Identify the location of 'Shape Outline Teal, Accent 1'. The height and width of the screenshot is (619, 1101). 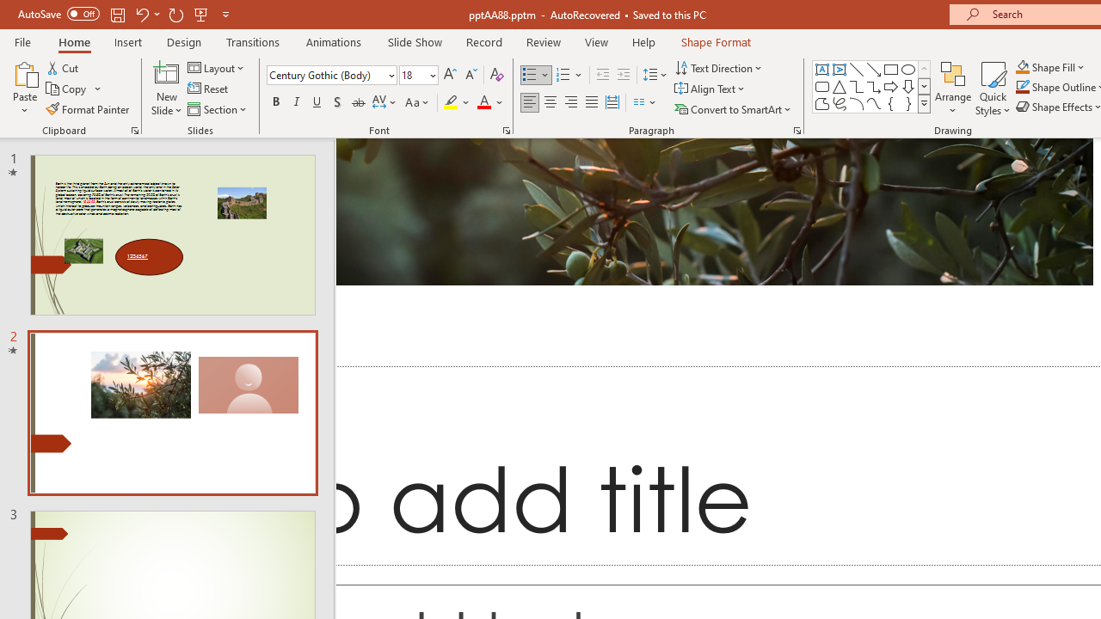
(1023, 87).